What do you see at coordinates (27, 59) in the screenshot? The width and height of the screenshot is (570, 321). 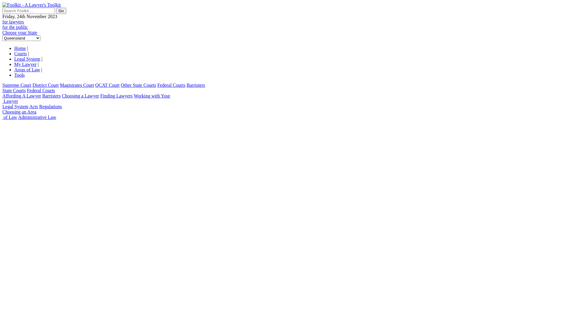 I see `'Legal System'` at bounding box center [27, 59].